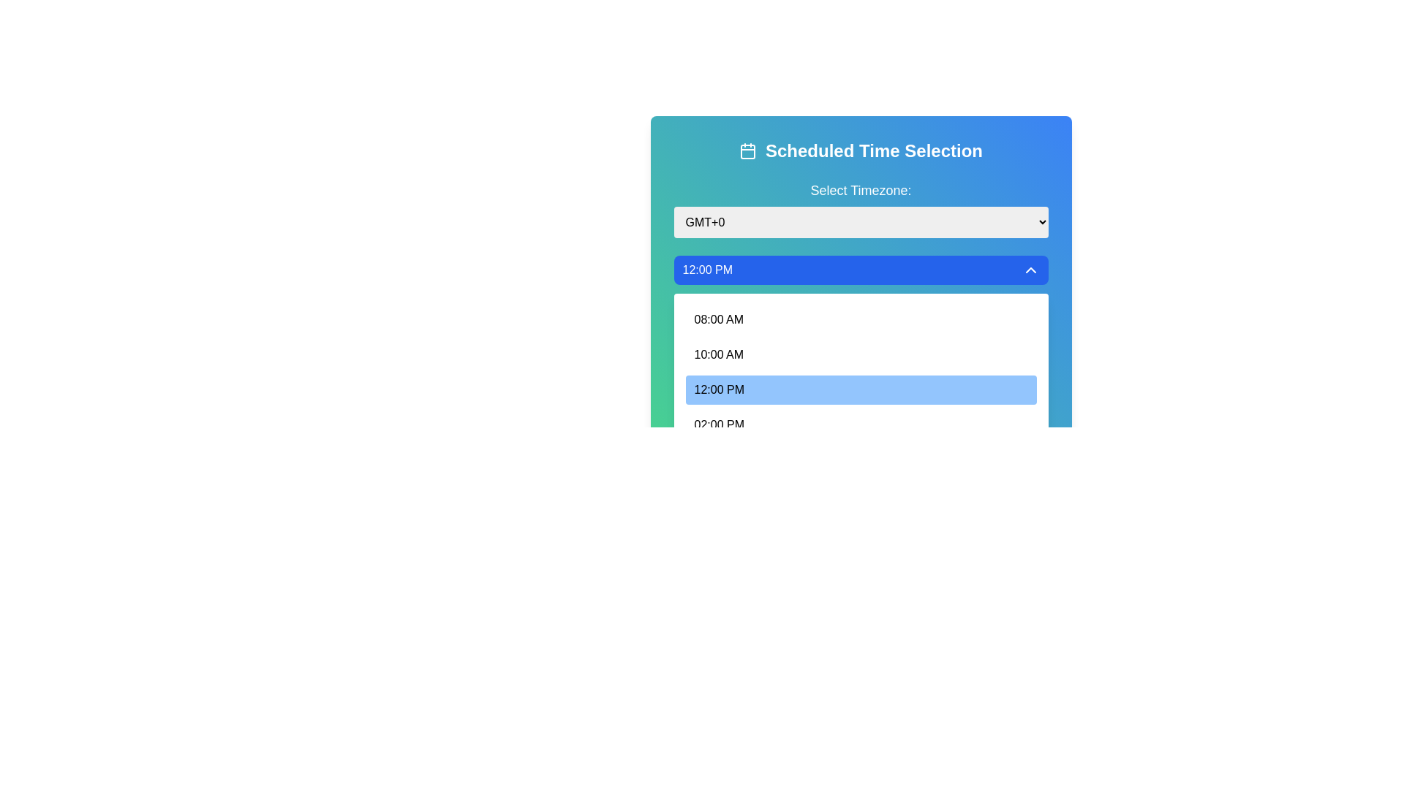 The width and height of the screenshot is (1404, 789). What do you see at coordinates (707, 270) in the screenshot?
I see `the text label representing the currently selected time in the 'Select Timezone' dropdown to interact with the dropdown` at bounding box center [707, 270].